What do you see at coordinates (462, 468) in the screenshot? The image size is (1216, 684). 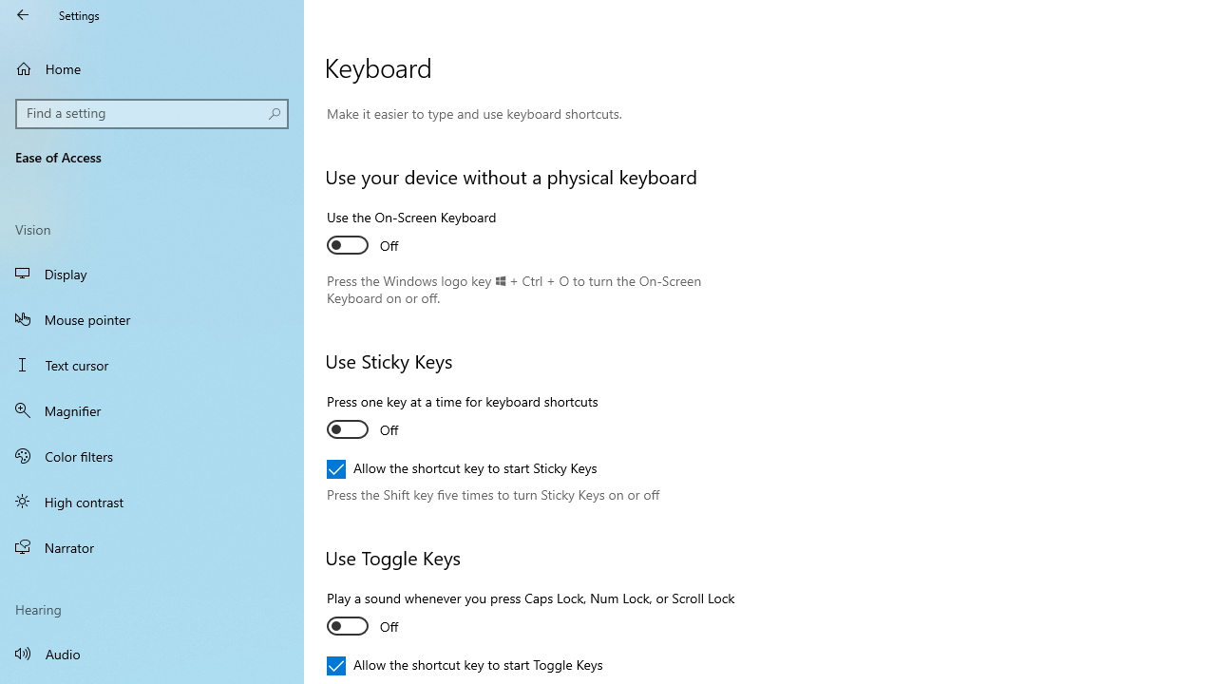 I see `'Allow the shortcut key to start Sticky Keys'` at bounding box center [462, 468].